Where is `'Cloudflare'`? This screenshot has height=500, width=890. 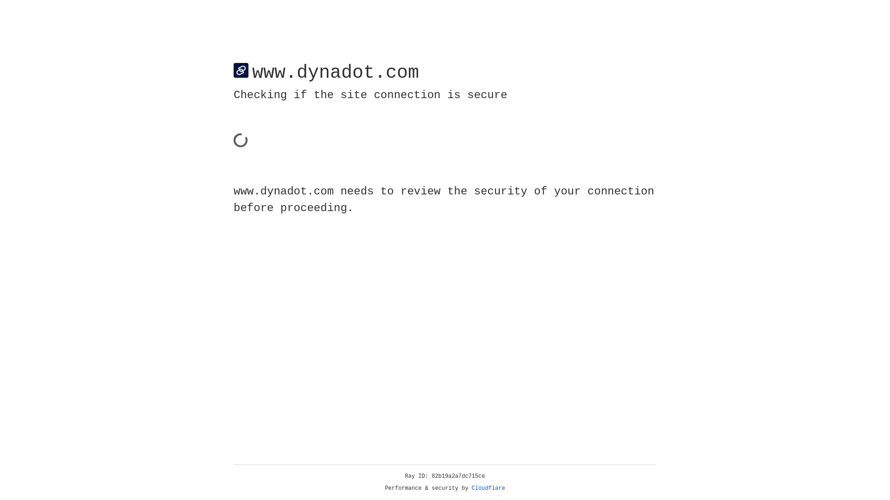 'Cloudflare' is located at coordinates (471, 488).